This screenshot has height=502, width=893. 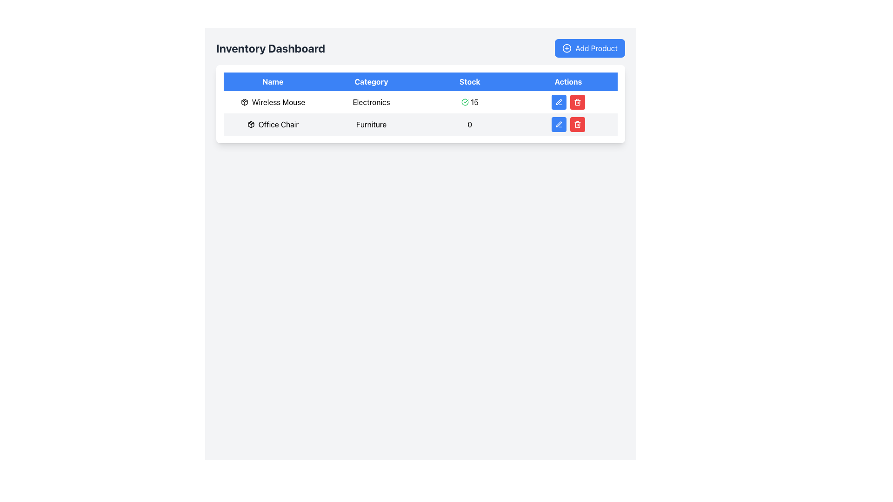 I want to click on the trash can icon within the red delete button located in the 'Actions' column on the second row of the table, so click(x=577, y=103).